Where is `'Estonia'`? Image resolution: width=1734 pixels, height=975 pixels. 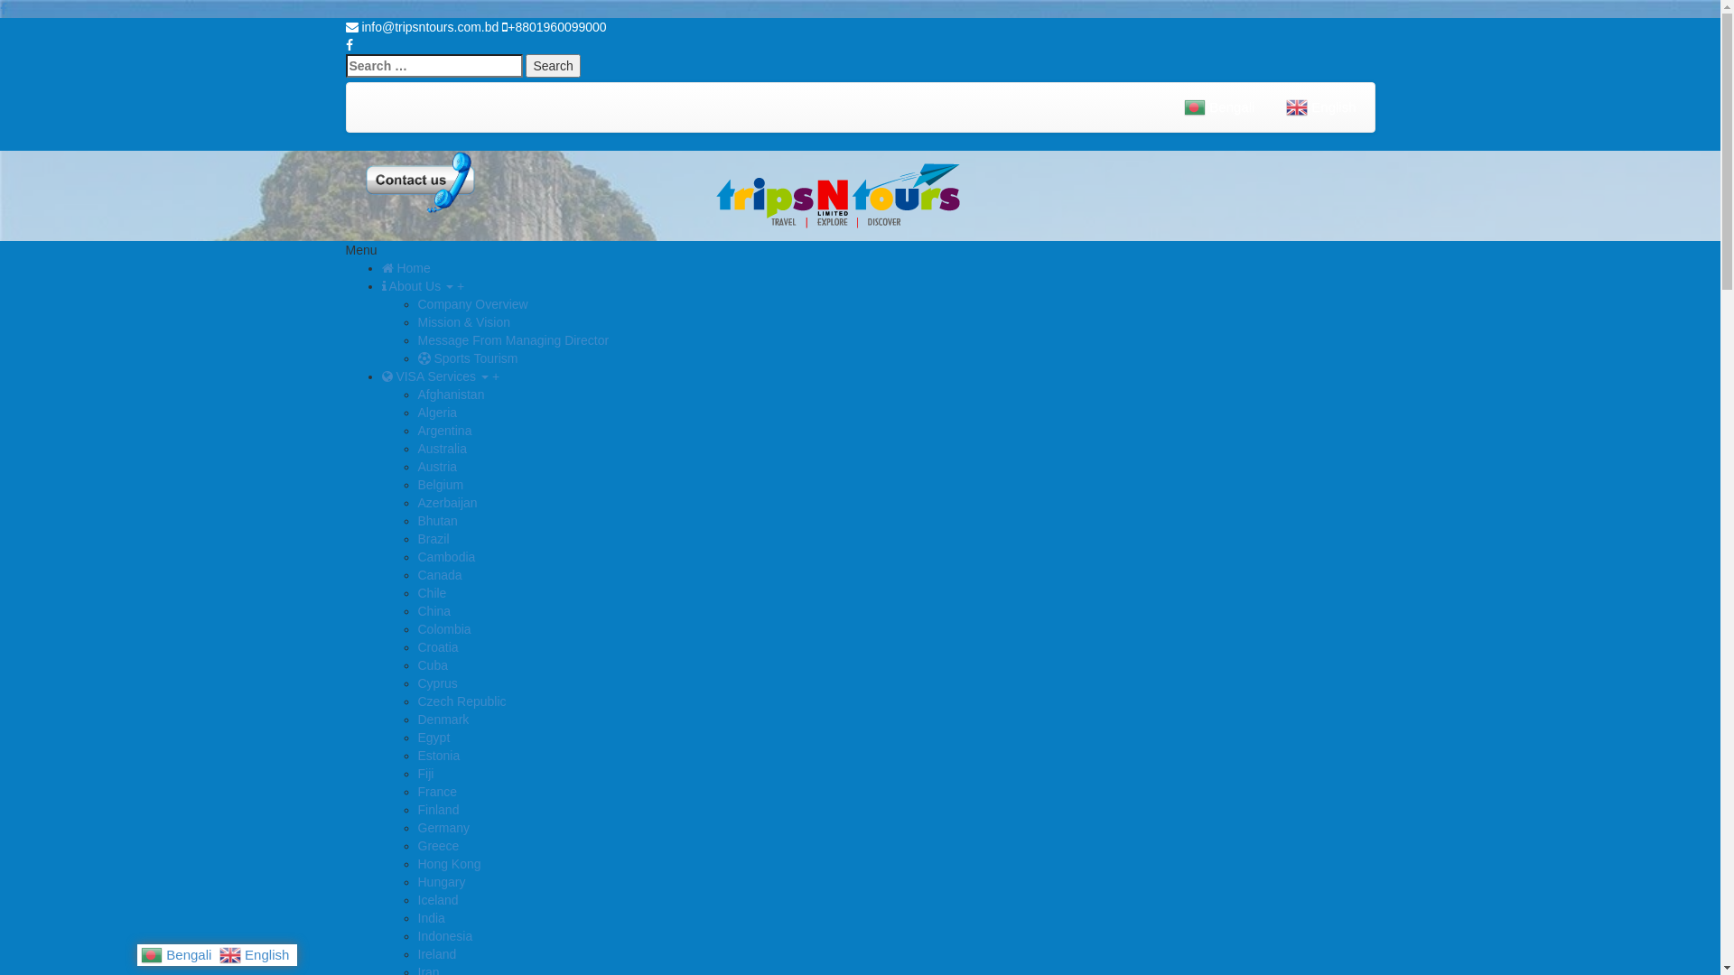 'Estonia' is located at coordinates (415, 756).